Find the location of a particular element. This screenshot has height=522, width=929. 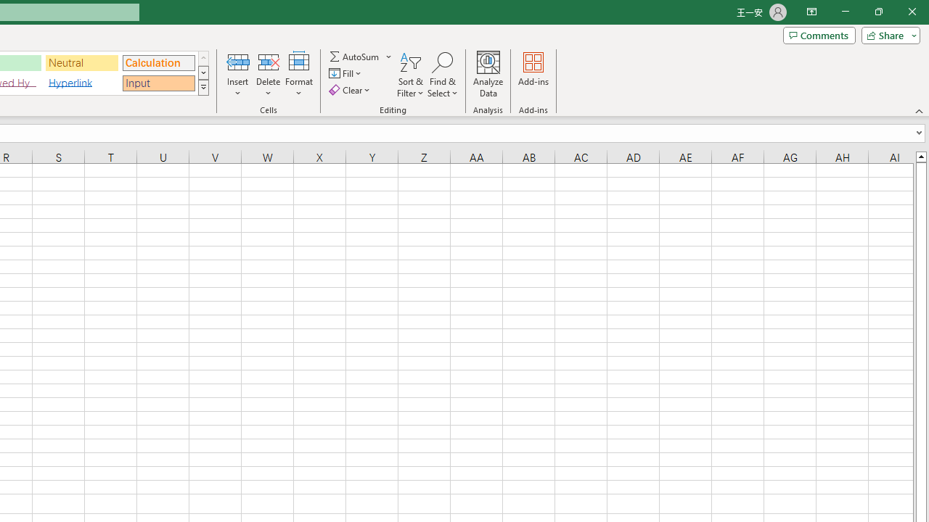

'Delete Cells...' is located at coordinates (268, 61).